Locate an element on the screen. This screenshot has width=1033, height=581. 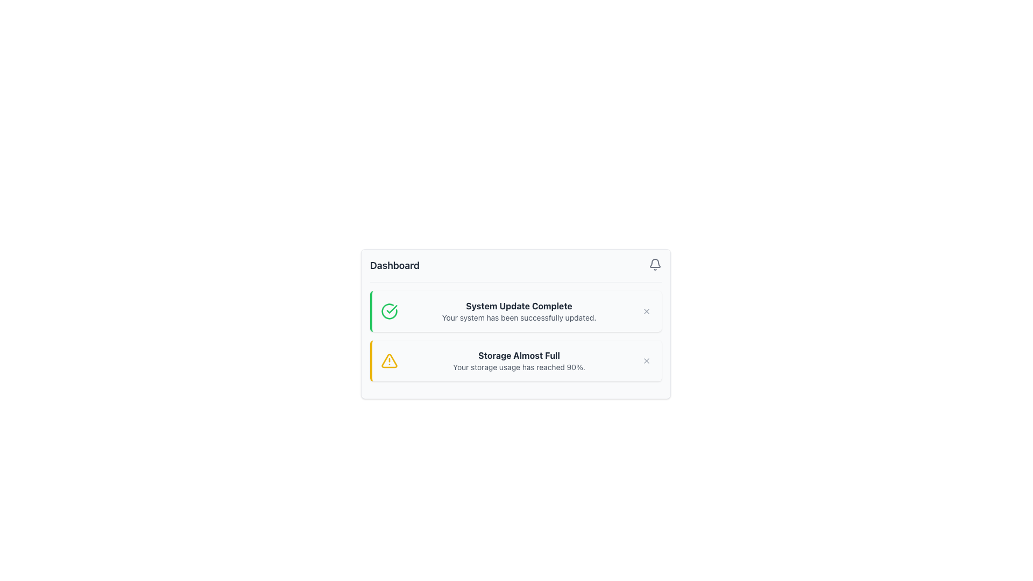
informational text saying 'Your system has been successfully updated.' which is rendered in small gray text and positioned under the heading 'System Update Complete' is located at coordinates (519, 317).